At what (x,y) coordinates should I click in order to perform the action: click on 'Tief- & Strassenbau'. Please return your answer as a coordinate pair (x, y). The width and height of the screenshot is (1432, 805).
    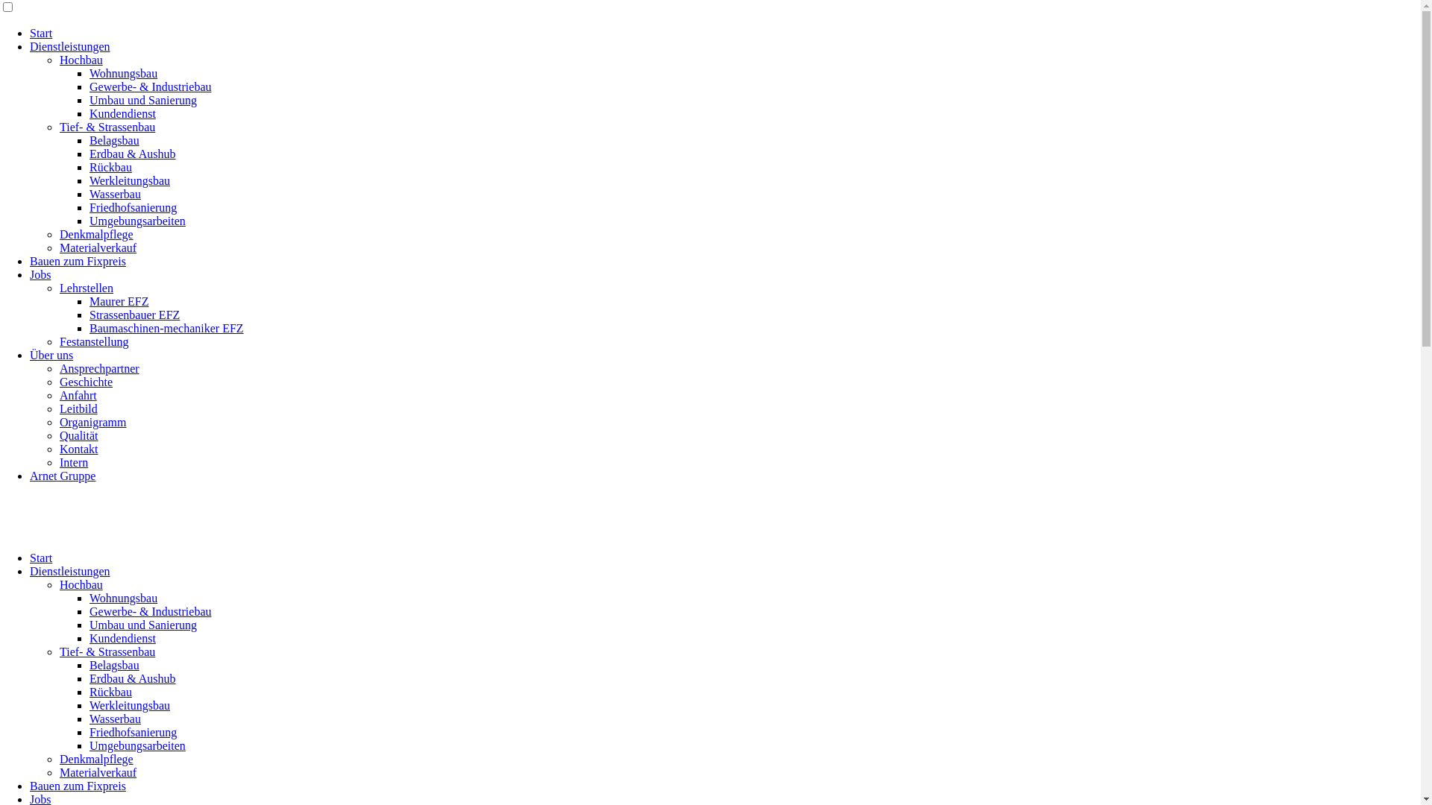
    Looking at the image, I should click on (107, 651).